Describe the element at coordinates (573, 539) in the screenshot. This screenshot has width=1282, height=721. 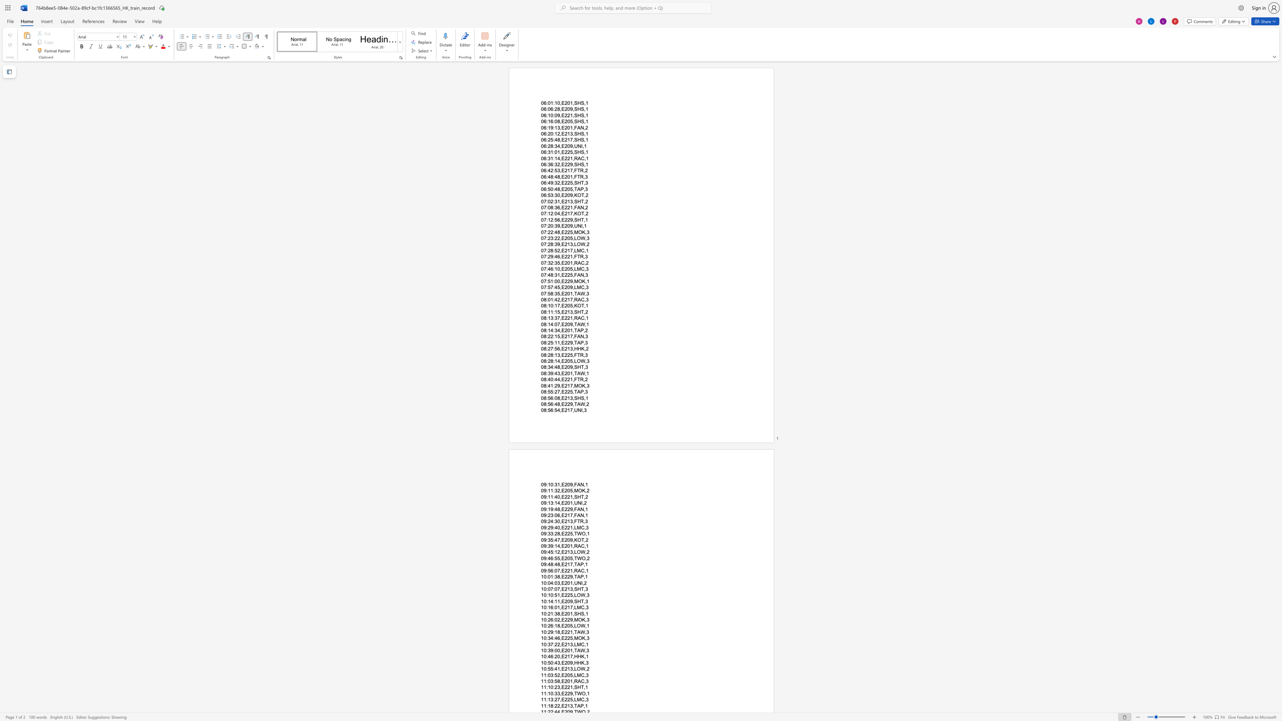
I see `the subset text "KOT" within the text "09:35:47,E209,KOT,2"` at that location.